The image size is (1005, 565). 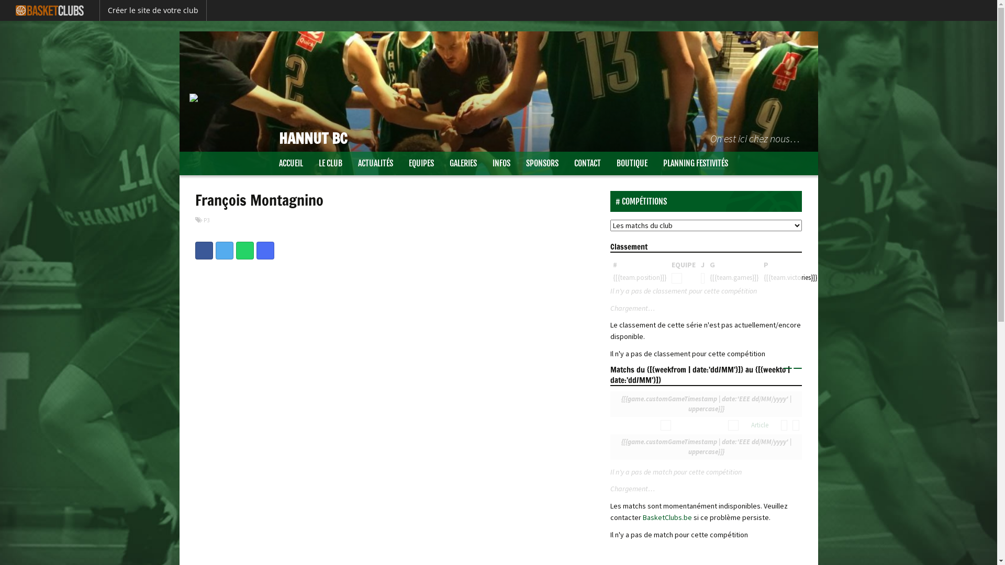 I want to click on 'Article', so click(x=751, y=425).